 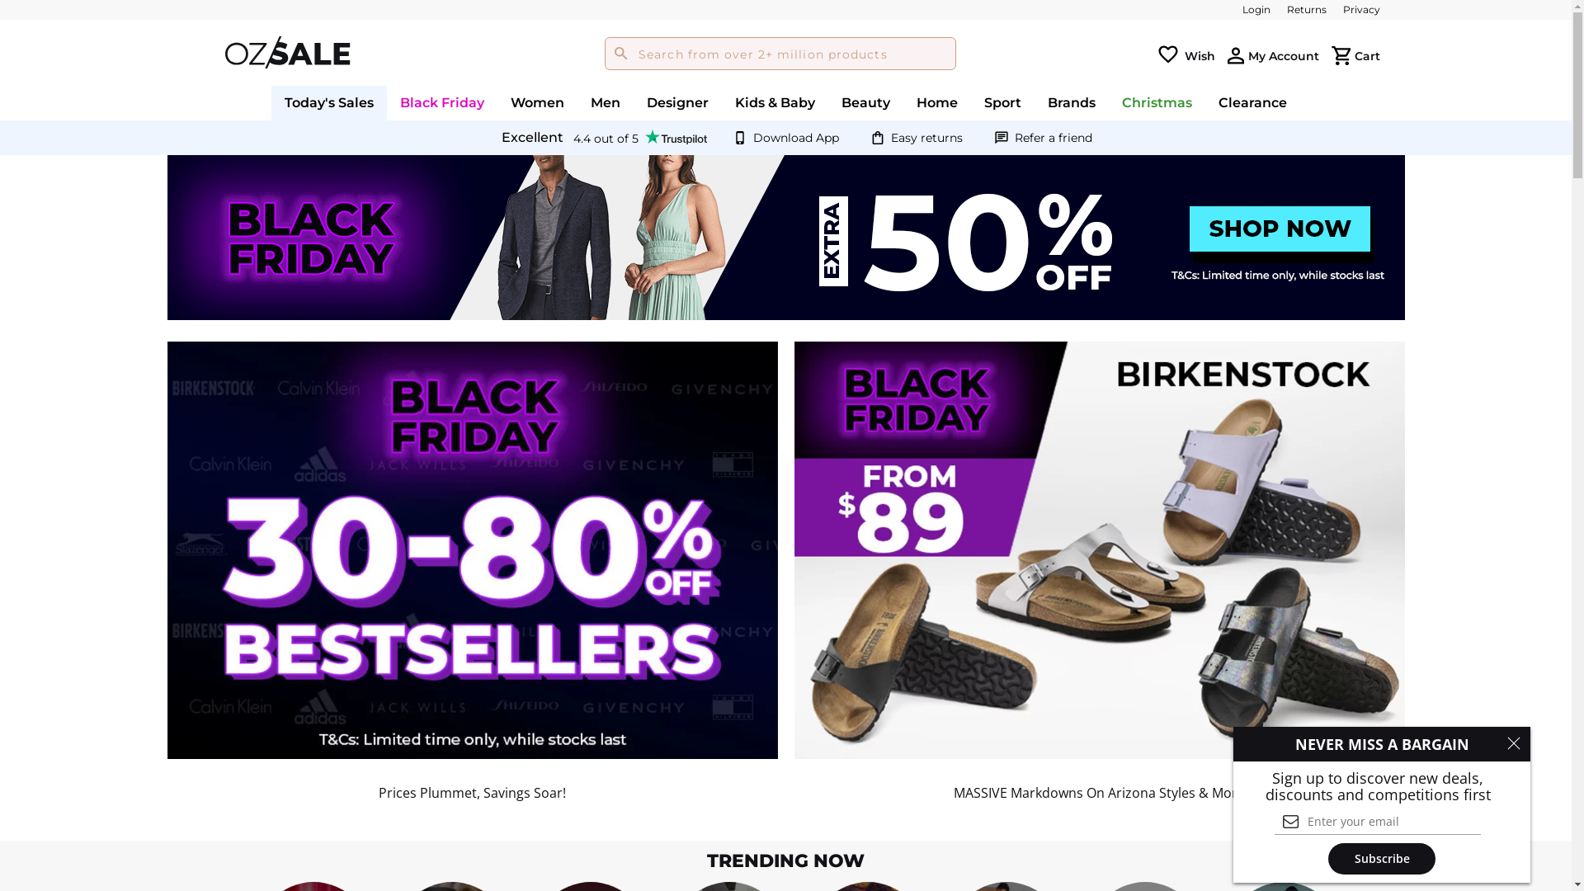 I want to click on 'Cart', so click(x=1367, y=54).